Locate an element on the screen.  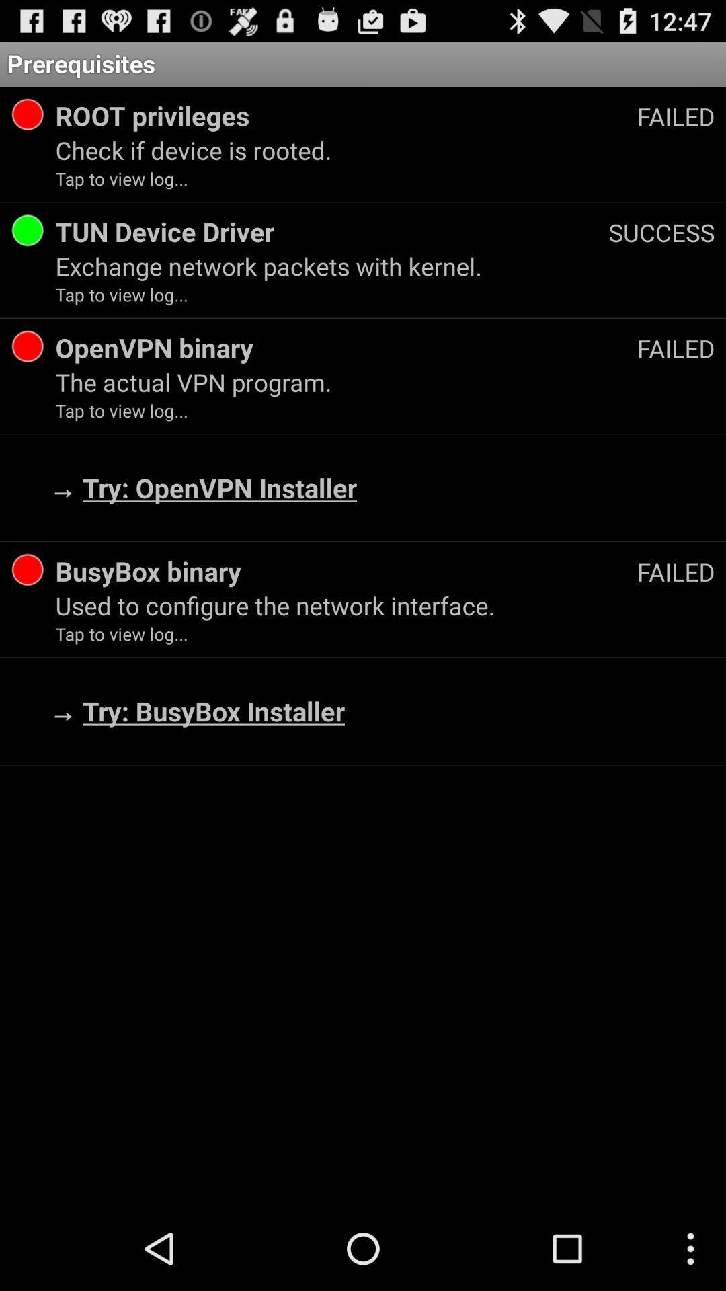
the item above check if device icon is located at coordinates (346, 116).